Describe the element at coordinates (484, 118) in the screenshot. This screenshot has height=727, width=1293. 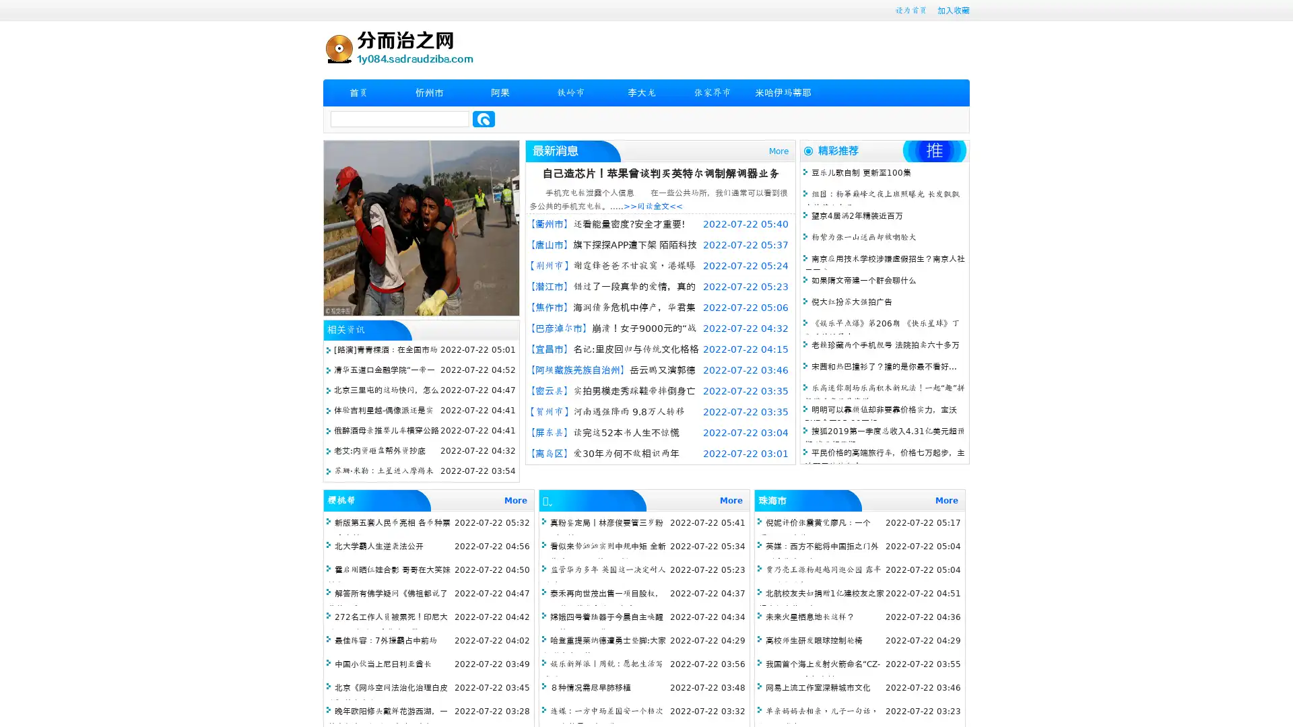
I see `Search` at that location.